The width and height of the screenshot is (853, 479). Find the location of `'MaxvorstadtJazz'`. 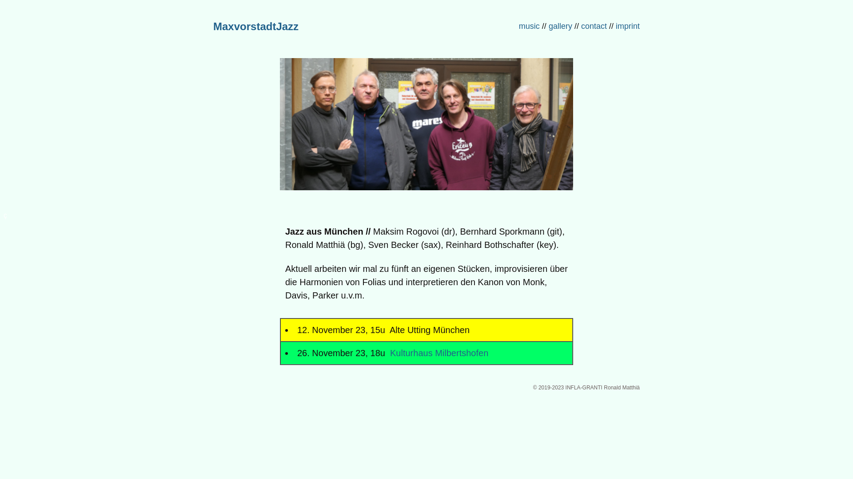

'MaxvorstadtJazz' is located at coordinates (213, 26).